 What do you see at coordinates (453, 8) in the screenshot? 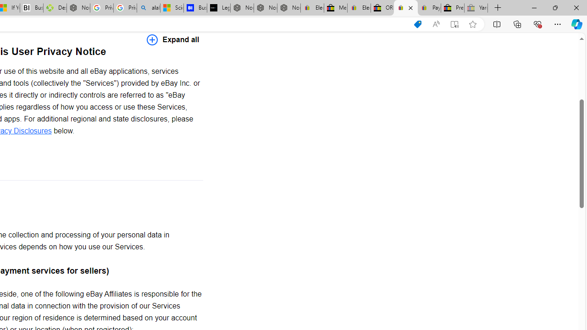
I see `'Press Room - eBay Inc.'` at bounding box center [453, 8].